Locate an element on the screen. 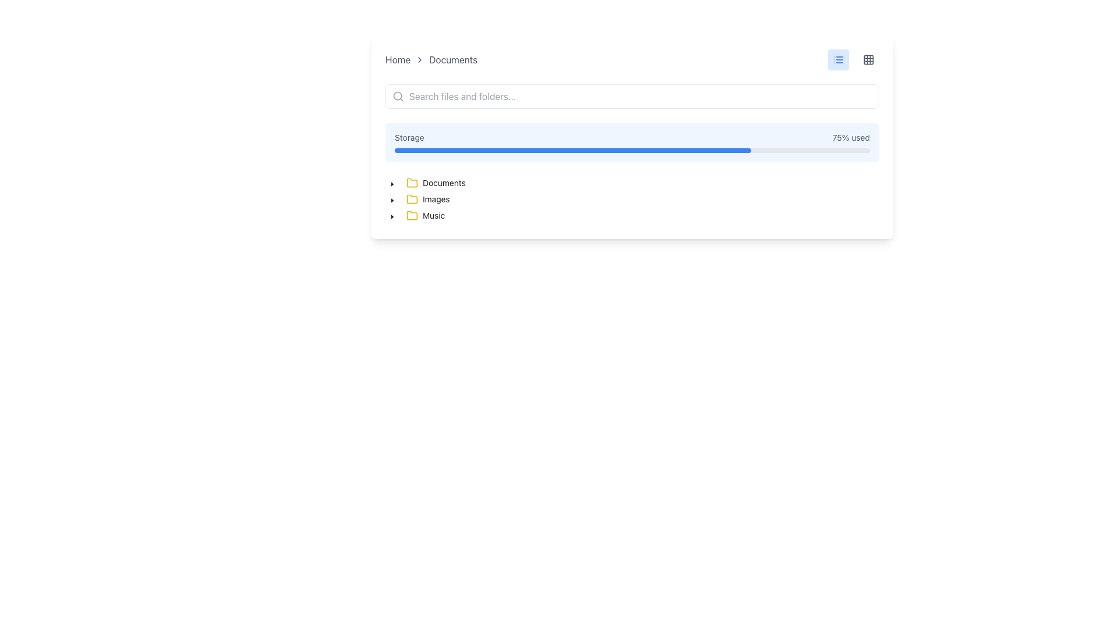 The image size is (1118, 628). the yellow folder icon located to the left of the 'Documents' text label is located at coordinates (412, 183).